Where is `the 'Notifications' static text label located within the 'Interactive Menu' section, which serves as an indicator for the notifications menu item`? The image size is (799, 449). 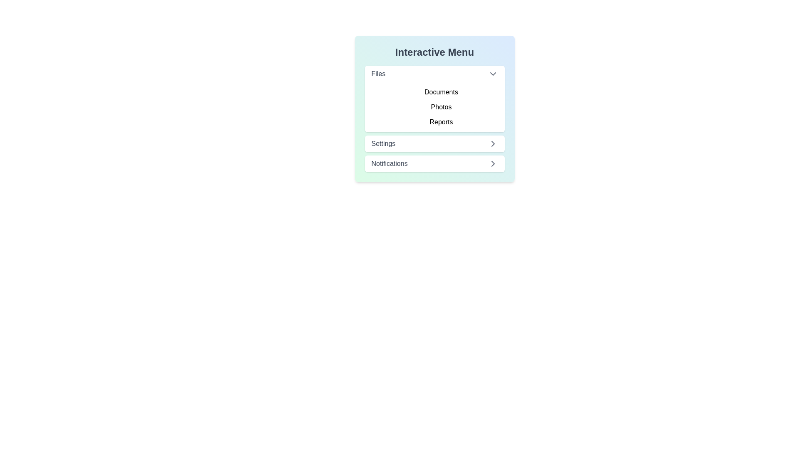 the 'Notifications' static text label located within the 'Interactive Menu' section, which serves as an indicator for the notifications menu item is located at coordinates (389, 163).